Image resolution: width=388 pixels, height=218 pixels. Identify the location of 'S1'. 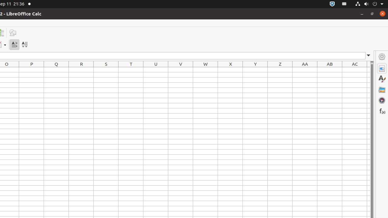
(106, 69).